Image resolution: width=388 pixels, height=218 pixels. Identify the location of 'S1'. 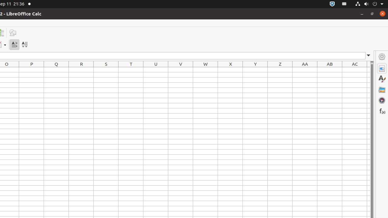
(106, 69).